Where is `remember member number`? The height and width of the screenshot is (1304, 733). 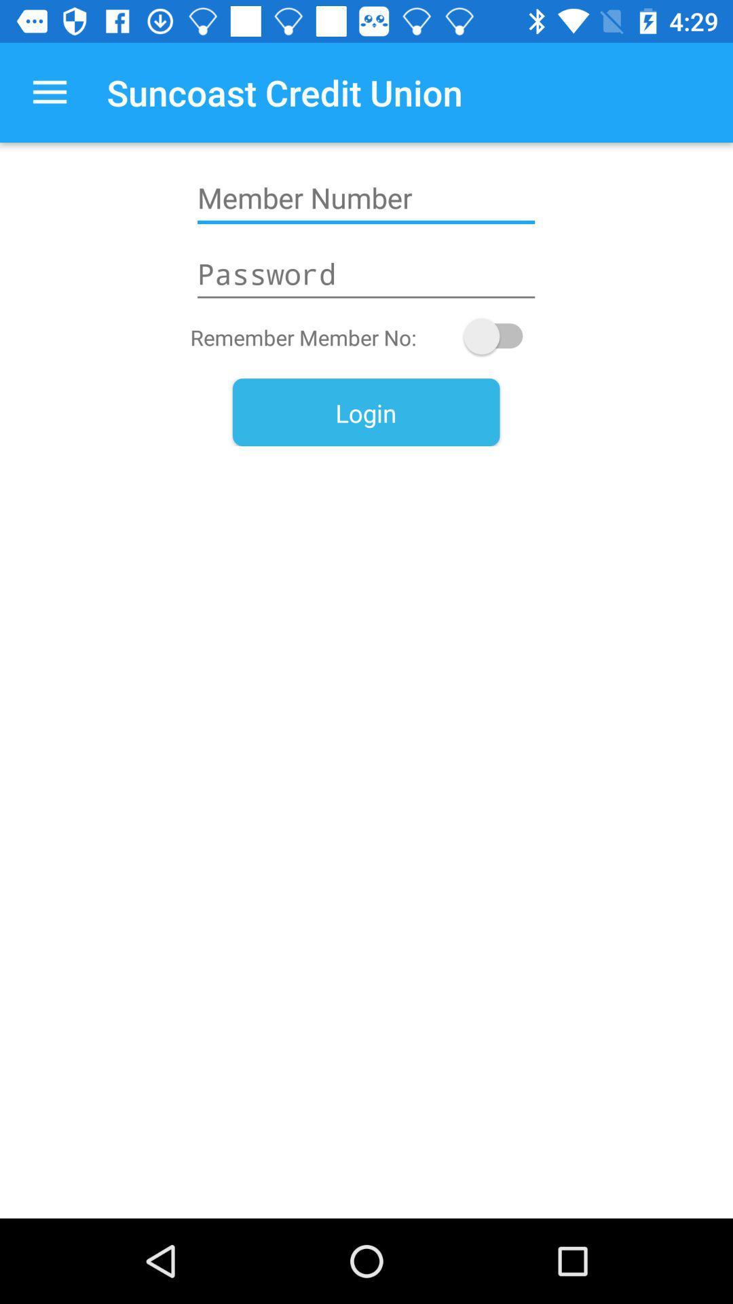
remember member number is located at coordinates (500, 336).